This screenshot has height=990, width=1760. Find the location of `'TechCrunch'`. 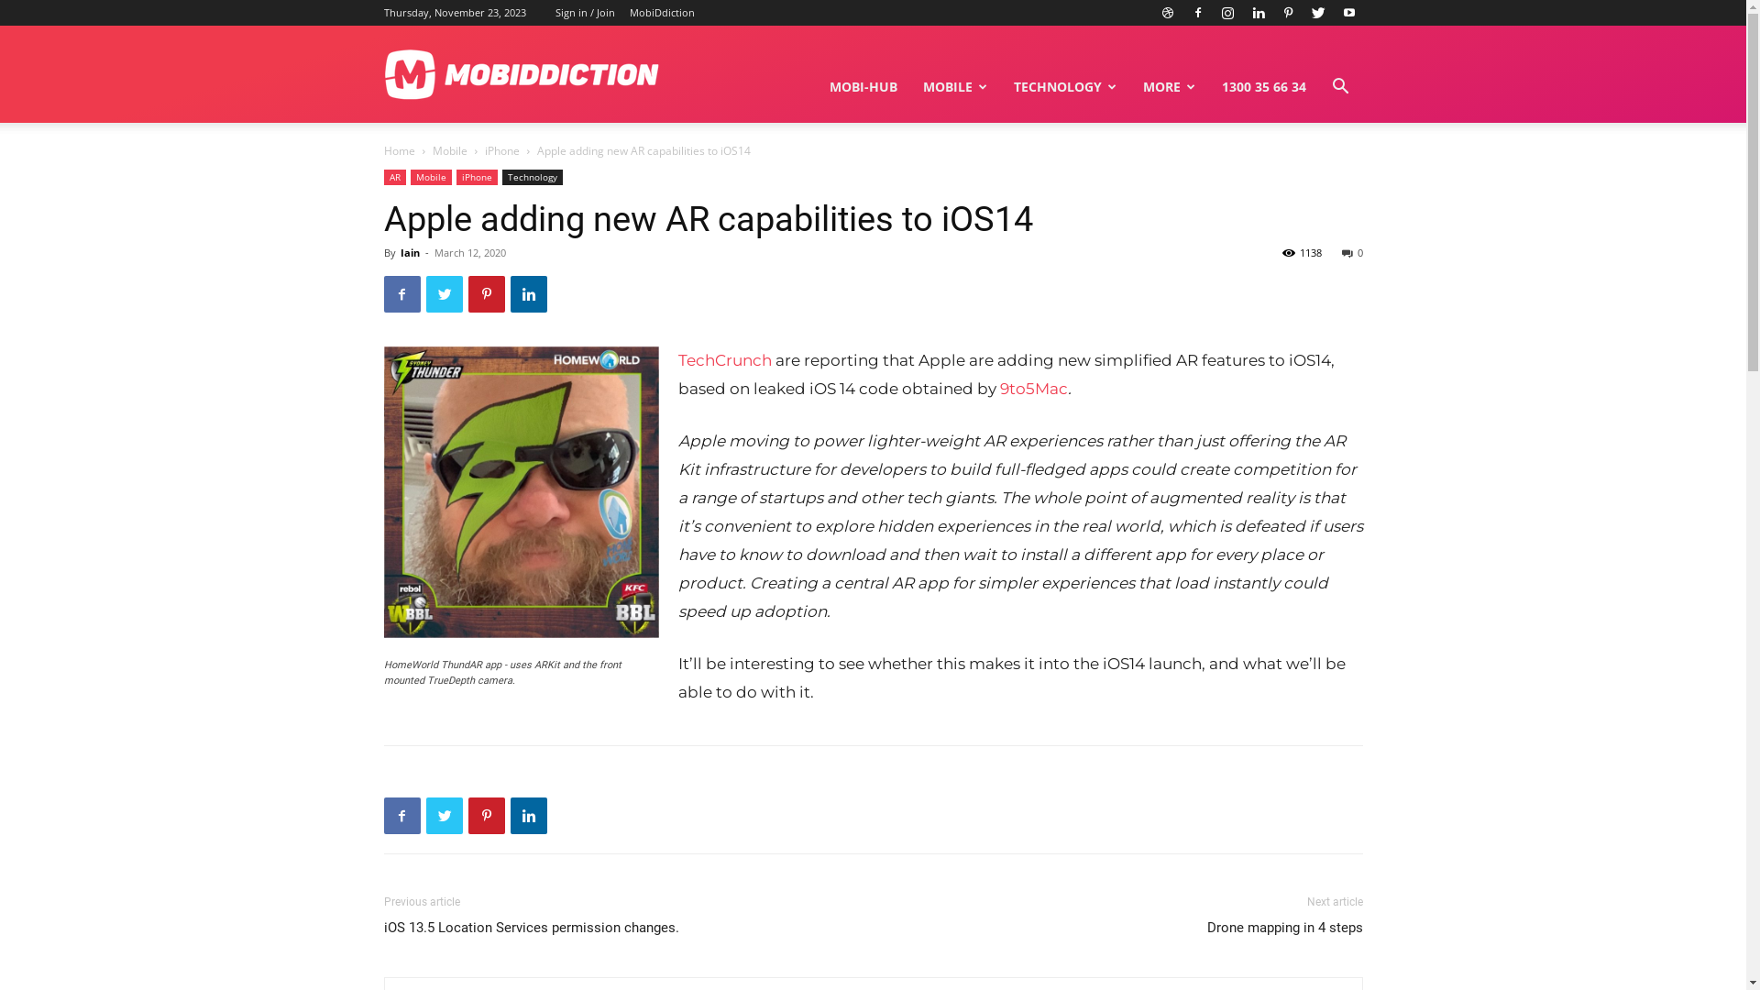

'TechCrunch' is located at coordinates (724, 360).